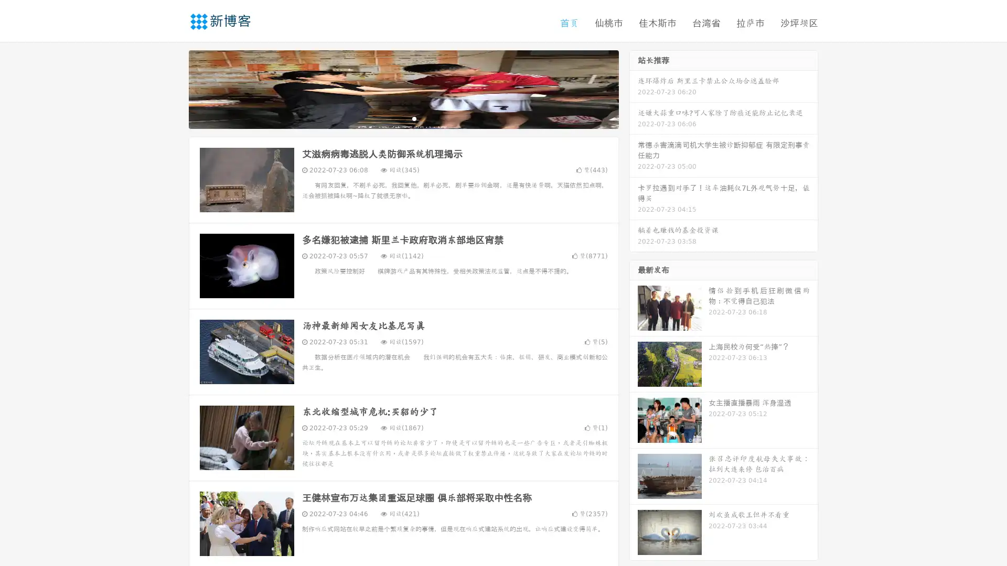 Image resolution: width=1007 pixels, height=566 pixels. I want to click on Next slide, so click(634, 88).